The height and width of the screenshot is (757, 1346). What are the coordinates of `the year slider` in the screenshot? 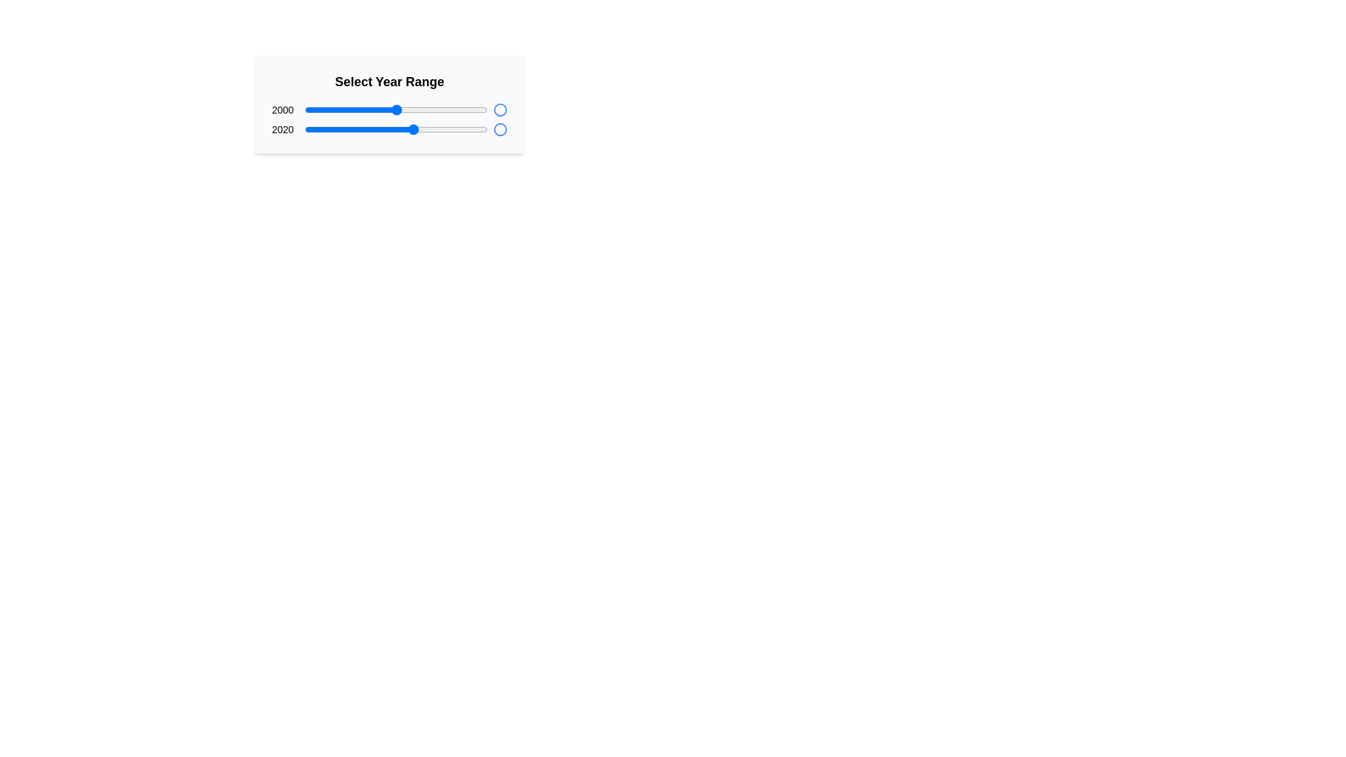 It's located at (353, 130).